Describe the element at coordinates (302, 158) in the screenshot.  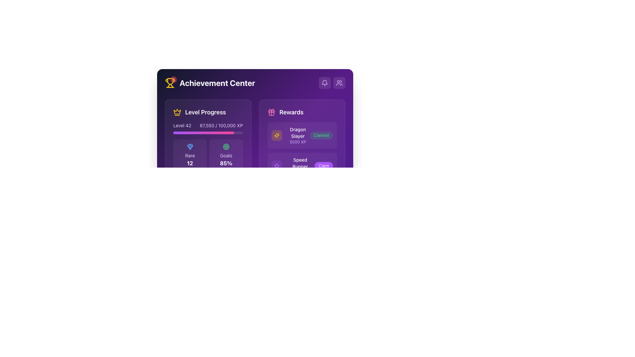
I see `the details of the rewards by reading the labels in the 'Rewards' section, which features a header and three task cards on the right side of the interface` at that location.